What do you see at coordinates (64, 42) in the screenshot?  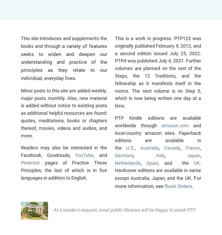 I see `'This site introduces and supplements the books and through'` at bounding box center [64, 42].